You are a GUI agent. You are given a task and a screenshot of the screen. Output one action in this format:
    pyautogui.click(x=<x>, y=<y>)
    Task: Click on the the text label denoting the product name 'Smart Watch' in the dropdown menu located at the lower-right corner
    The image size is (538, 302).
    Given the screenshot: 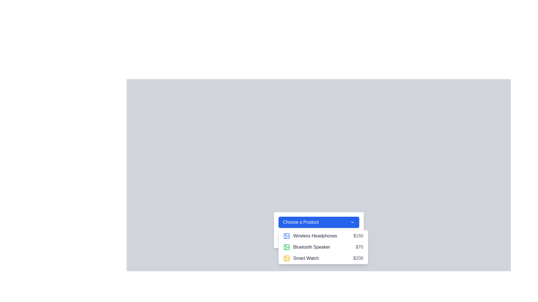 What is the action you would take?
    pyautogui.click(x=306, y=258)
    